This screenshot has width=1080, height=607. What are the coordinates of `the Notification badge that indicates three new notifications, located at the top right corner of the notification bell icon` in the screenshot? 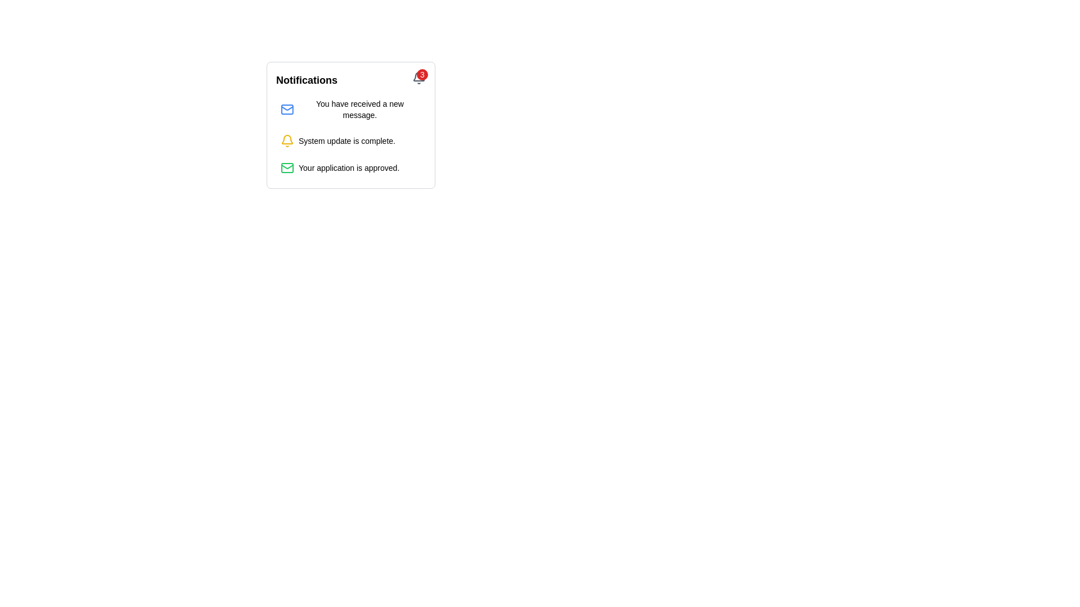 It's located at (416, 79).